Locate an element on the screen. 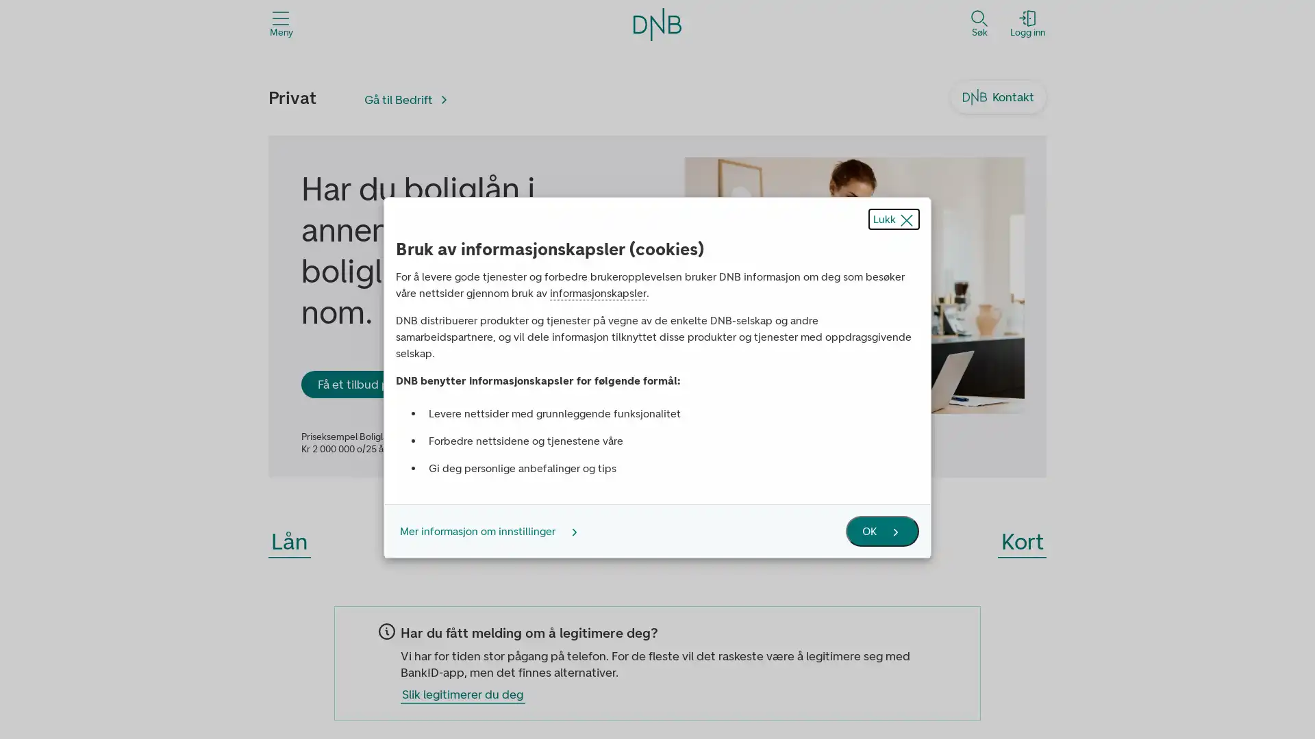 This screenshot has width=1315, height=739. OK is located at coordinates (882, 530).